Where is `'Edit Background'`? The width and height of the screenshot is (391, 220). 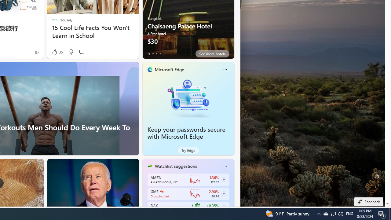
'Edit Background' is located at coordinates (376, 176).